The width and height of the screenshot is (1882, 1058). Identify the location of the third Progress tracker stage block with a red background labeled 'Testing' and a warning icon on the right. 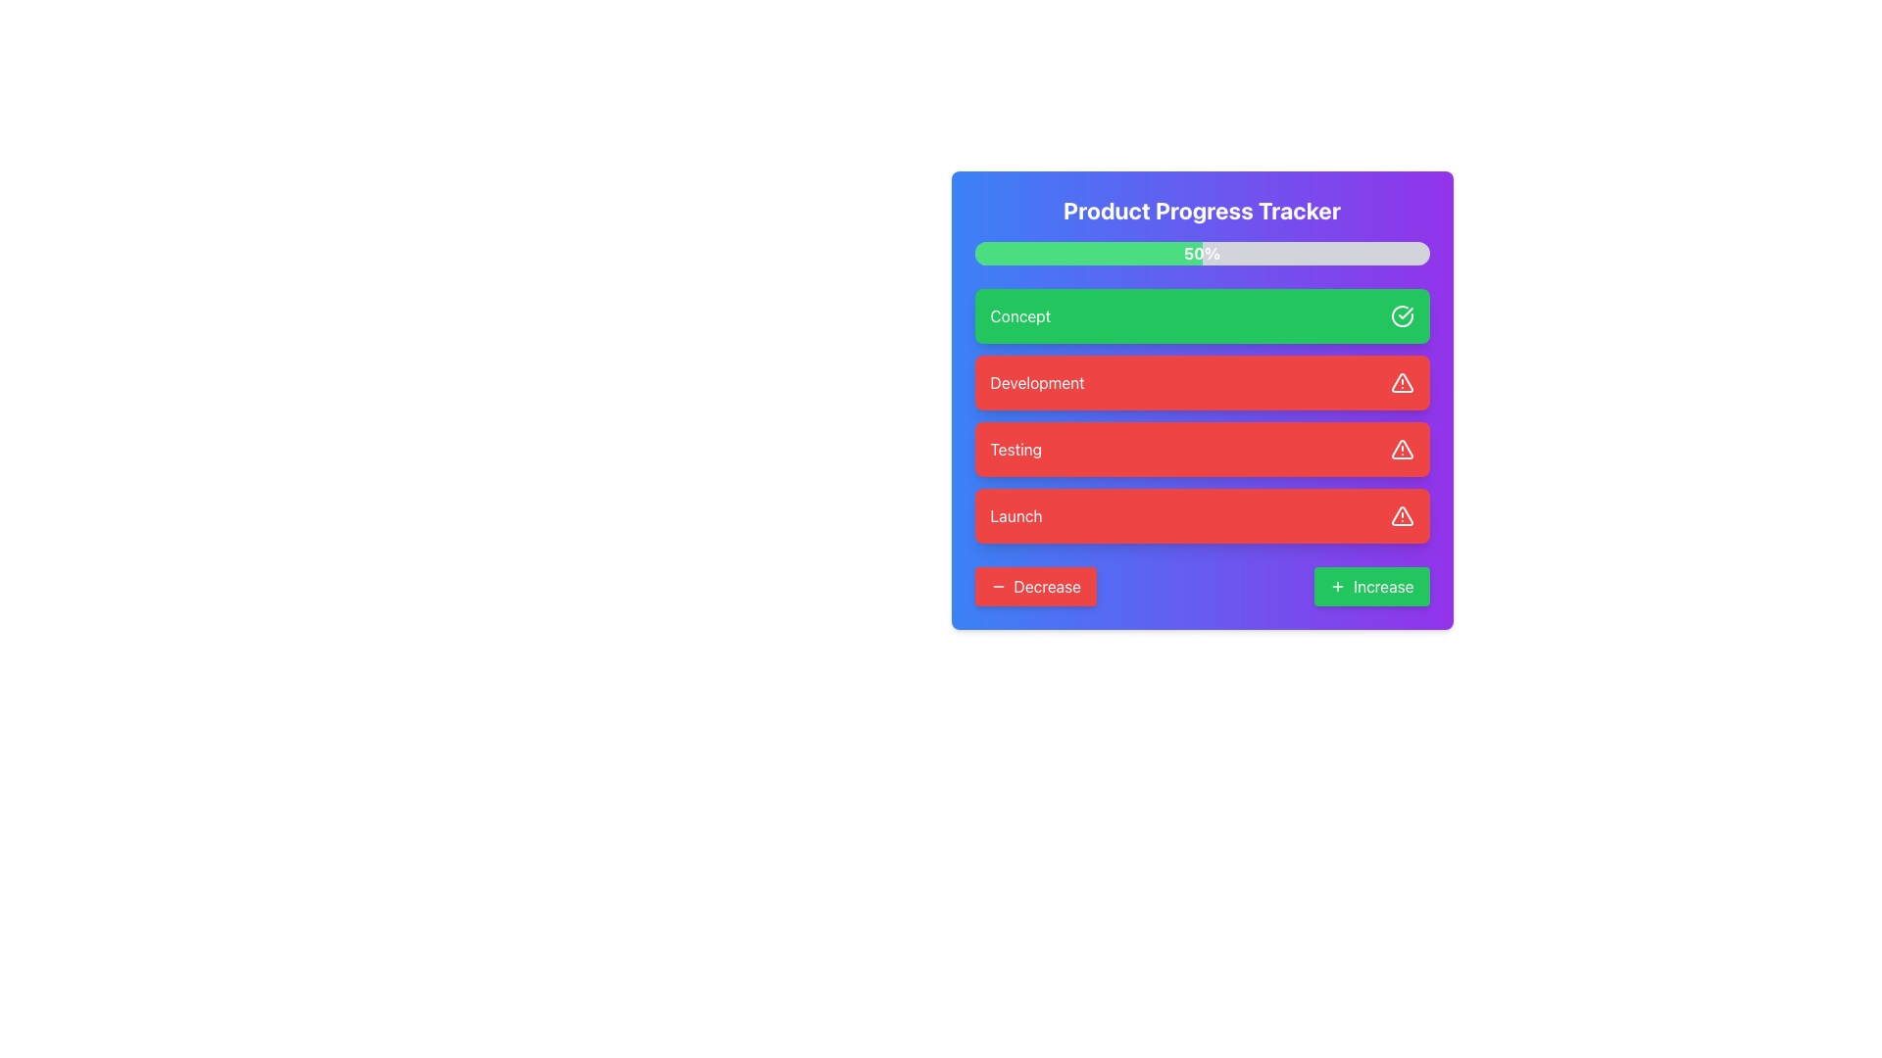
(1201, 450).